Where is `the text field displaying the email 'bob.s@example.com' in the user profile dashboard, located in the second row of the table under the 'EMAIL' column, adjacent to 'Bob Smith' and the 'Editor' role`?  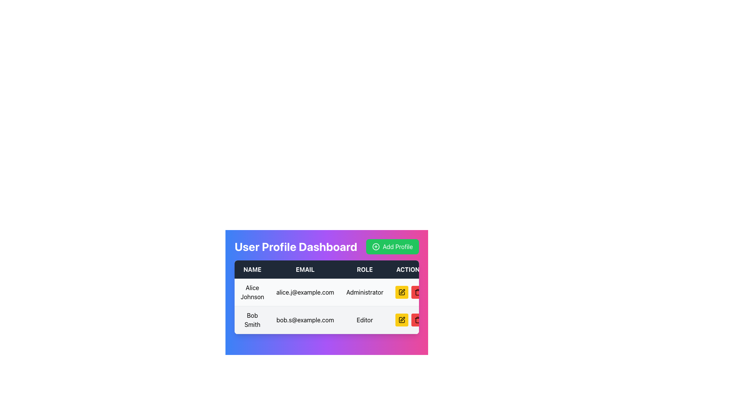
the text field displaying the email 'bob.s@example.com' in the user profile dashboard, located in the second row of the table under the 'EMAIL' column, adjacent to 'Bob Smith' and the 'Editor' role is located at coordinates (305, 320).